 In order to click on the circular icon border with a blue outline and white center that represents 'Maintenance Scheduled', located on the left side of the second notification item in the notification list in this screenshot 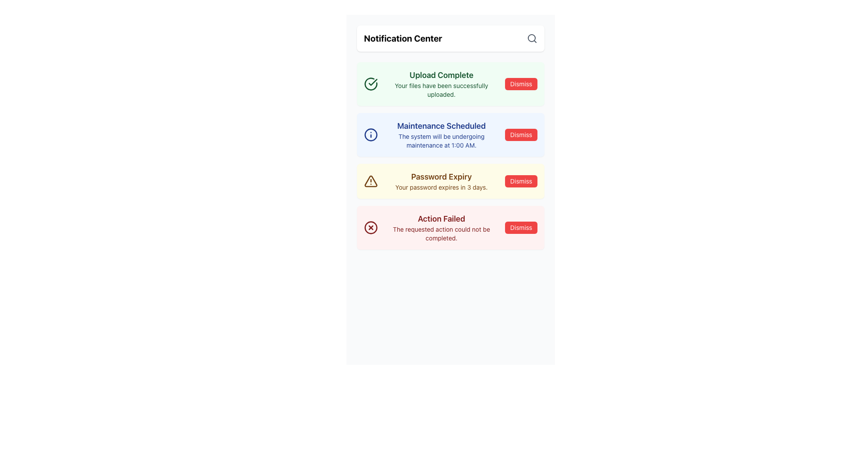, I will do `click(371, 135)`.